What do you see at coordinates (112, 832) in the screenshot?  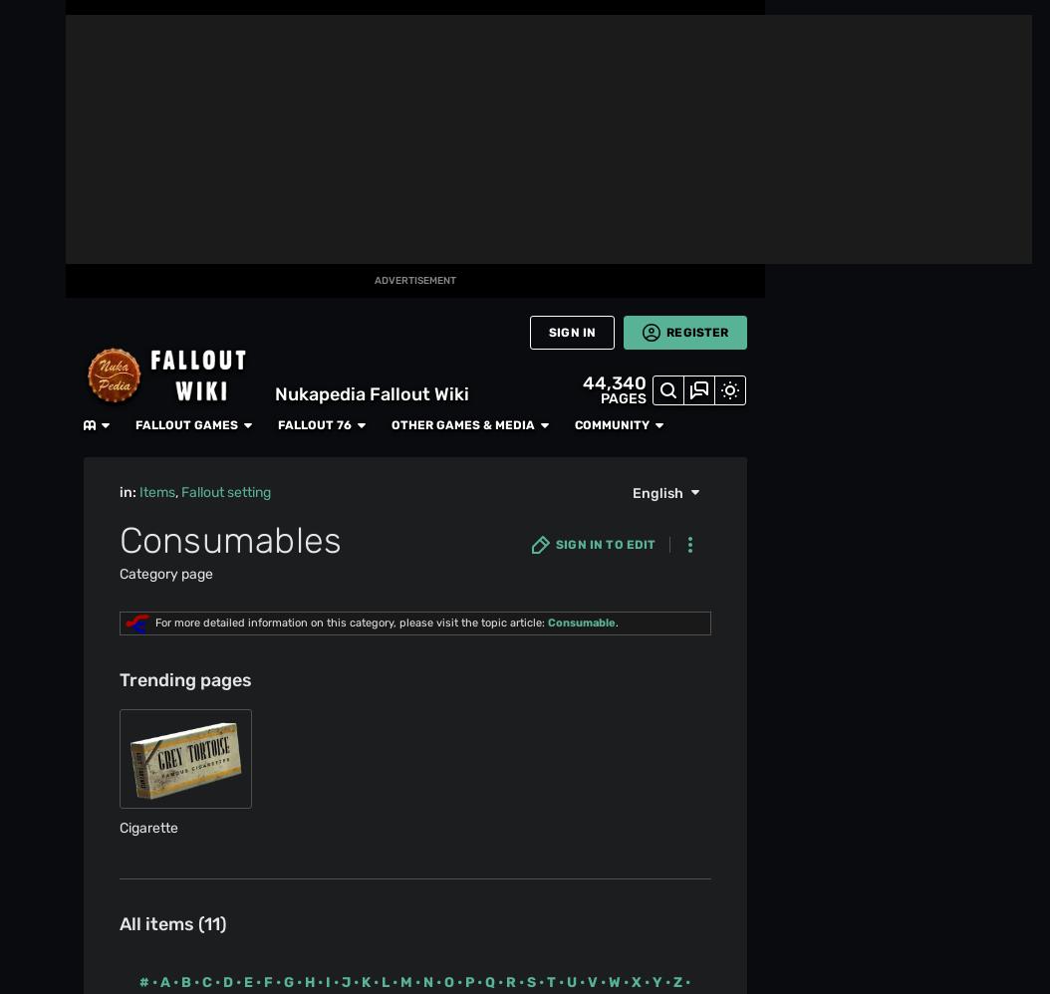 I see `'Muthead'` at bounding box center [112, 832].